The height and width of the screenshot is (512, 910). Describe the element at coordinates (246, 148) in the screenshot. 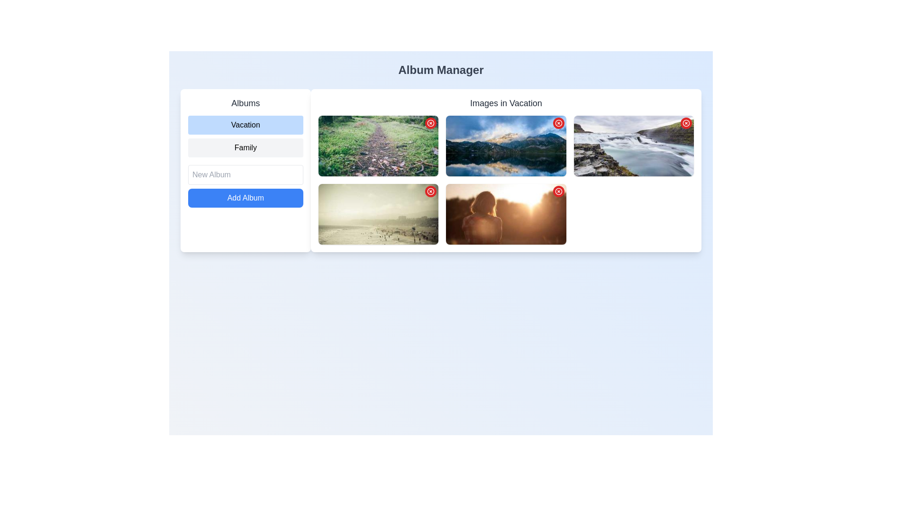

I see `the 'Family' button` at that location.